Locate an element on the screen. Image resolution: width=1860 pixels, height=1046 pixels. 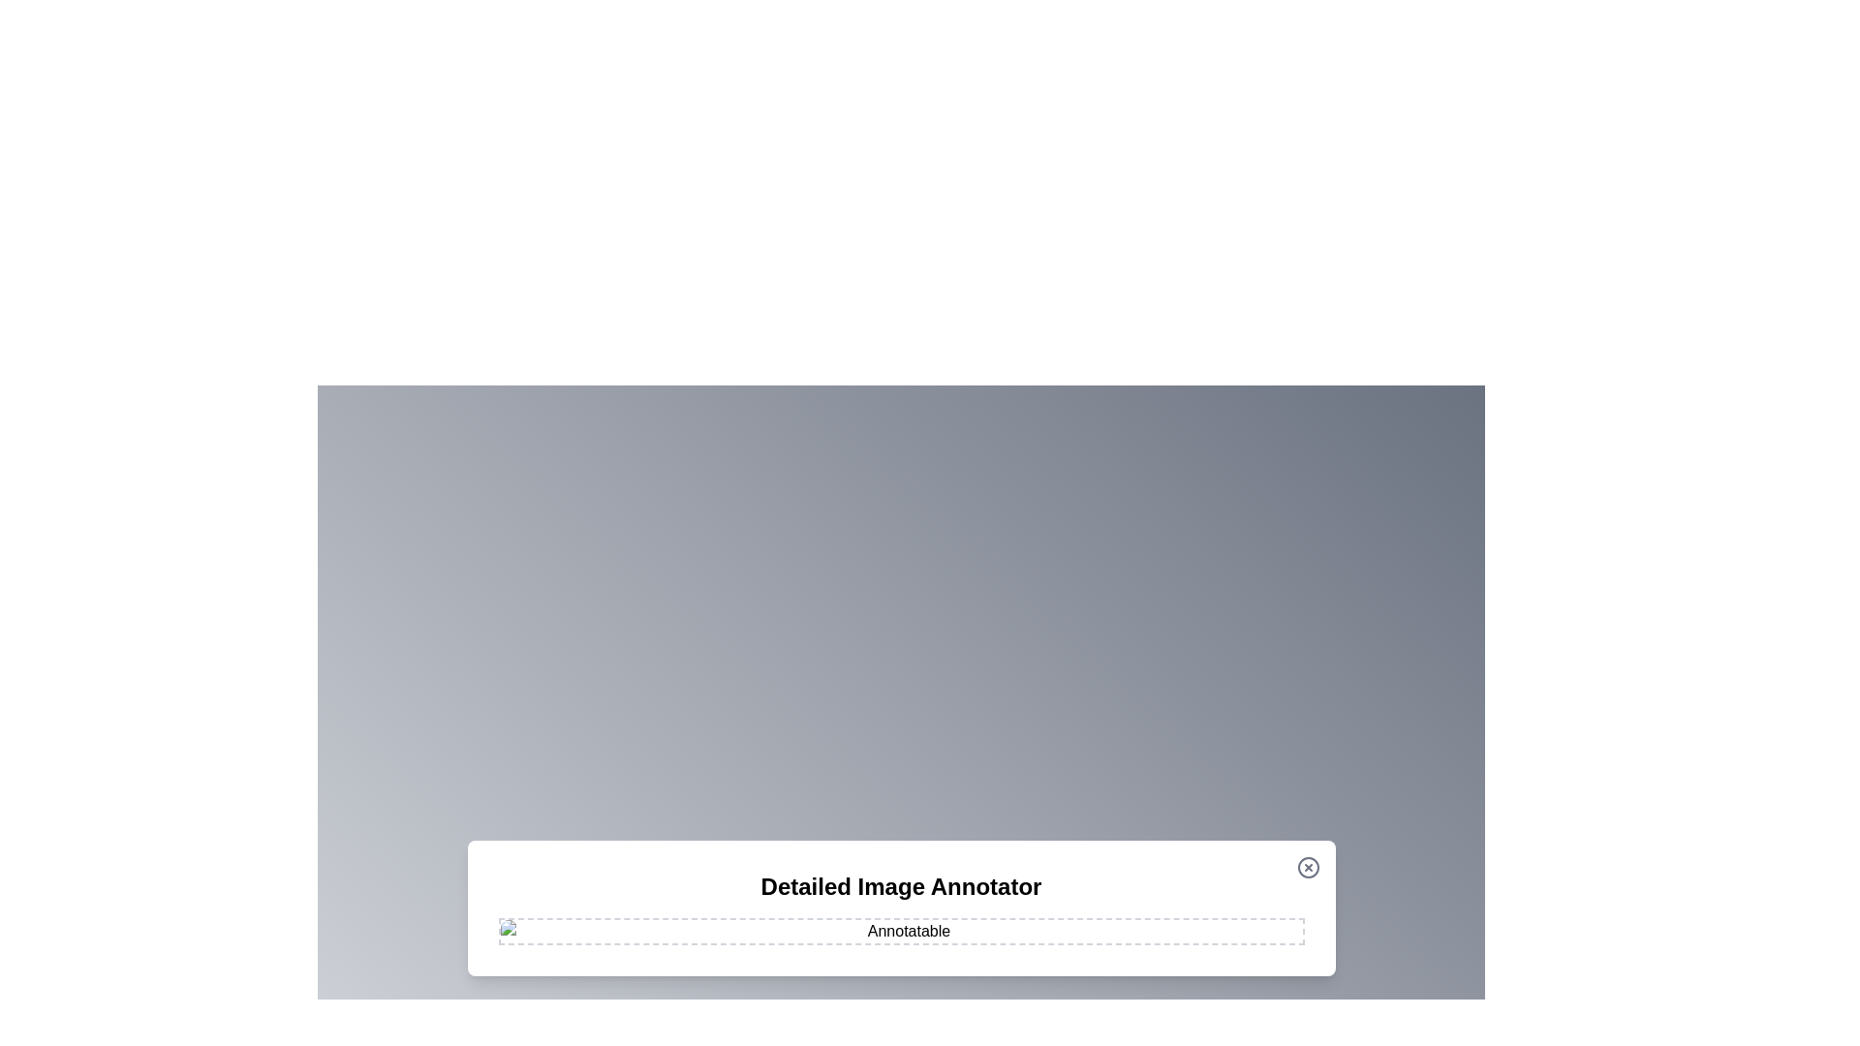
the close button located at the top-right corner of the dialog to close the annotation dialog is located at coordinates (1308, 866).